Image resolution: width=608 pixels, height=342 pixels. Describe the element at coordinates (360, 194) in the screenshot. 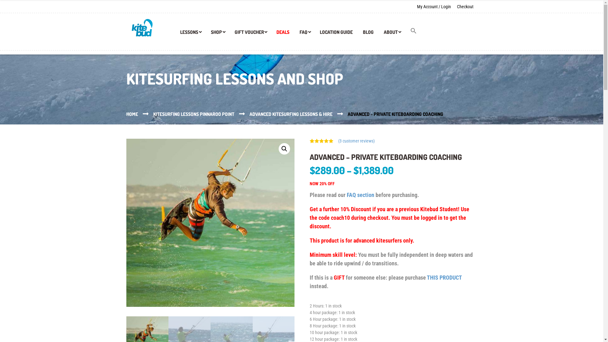

I see `'FAQ section'` at that location.